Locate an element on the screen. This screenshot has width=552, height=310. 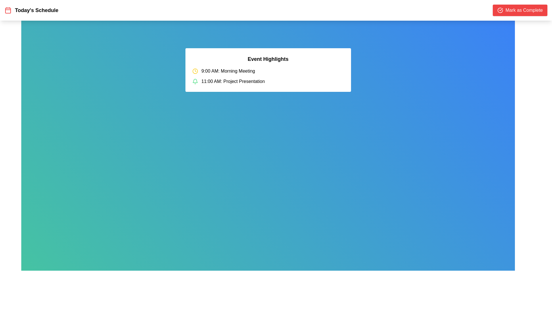
the highlighted portion of the calendar icon represented by the rectangle located in the bottom middle area of the icon is located at coordinates (8, 11).